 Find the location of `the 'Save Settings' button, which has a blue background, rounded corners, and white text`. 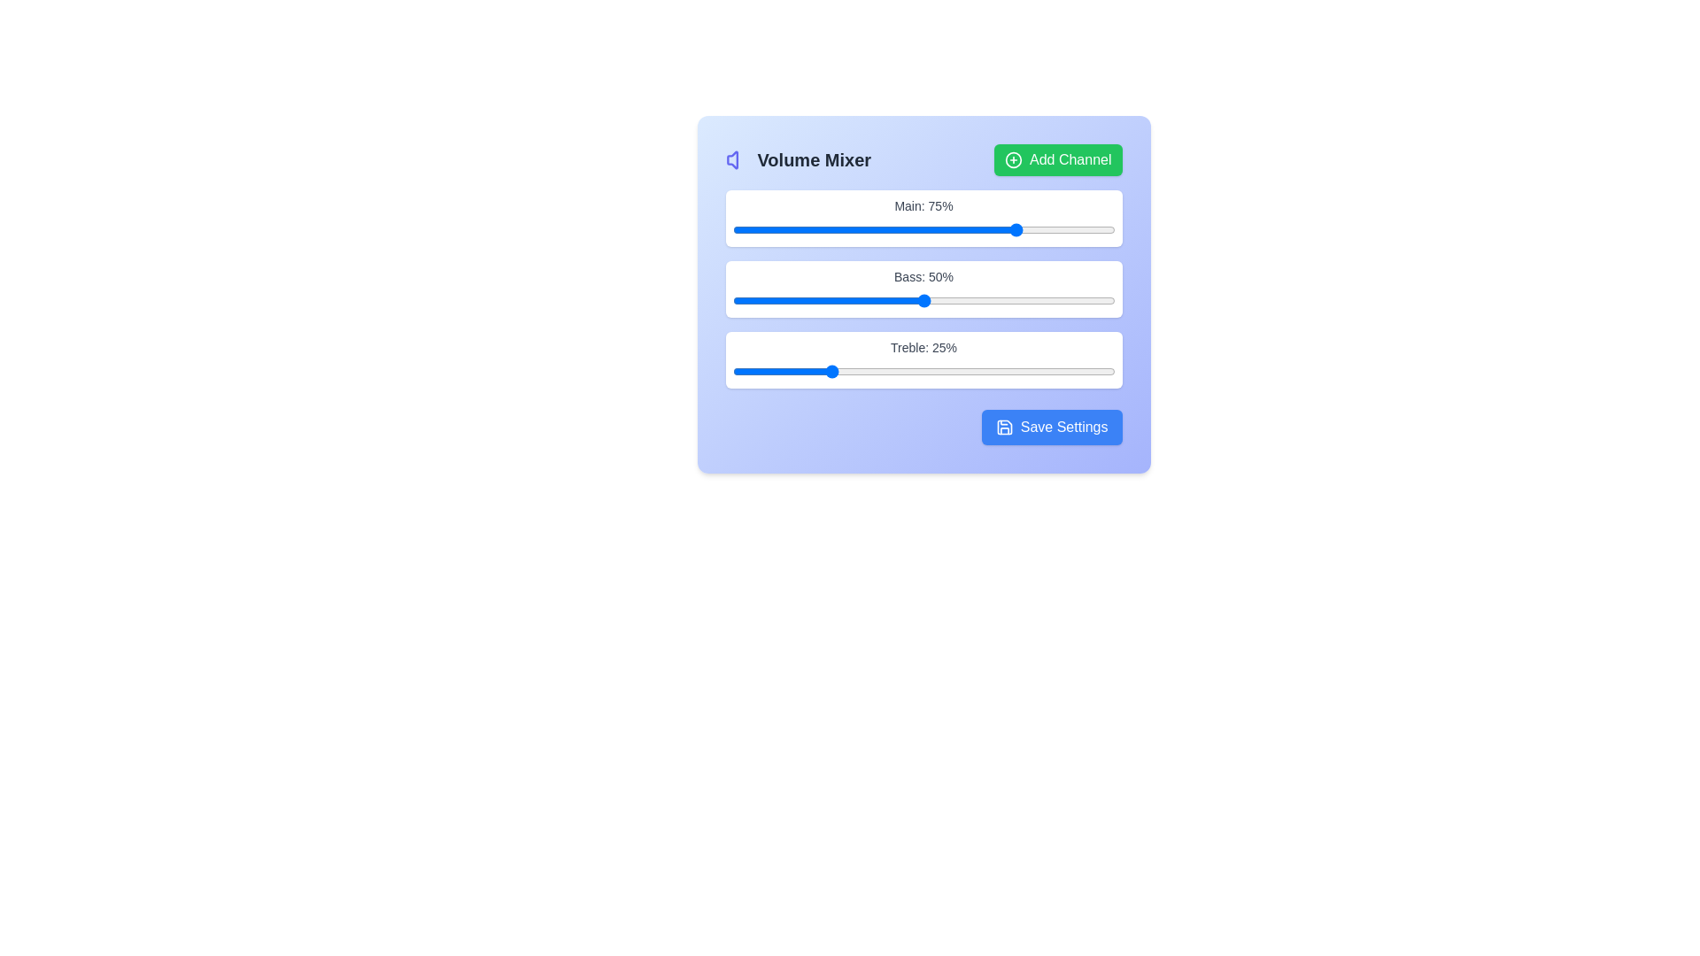

the 'Save Settings' button, which has a blue background, rounded corners, and white text is located at coordinates (1052, 427).